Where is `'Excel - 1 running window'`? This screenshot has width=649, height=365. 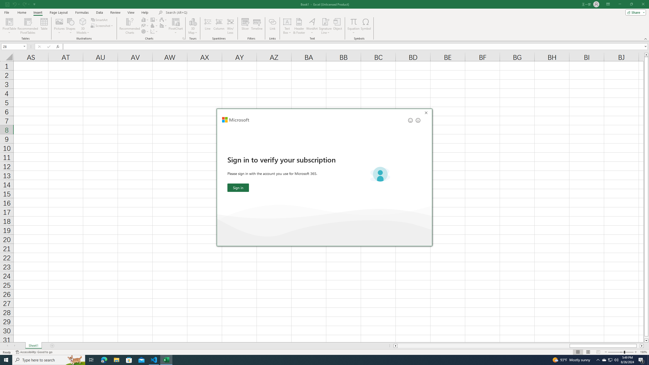 'Excel - 1 running window' is located at coordinates (166, 359).